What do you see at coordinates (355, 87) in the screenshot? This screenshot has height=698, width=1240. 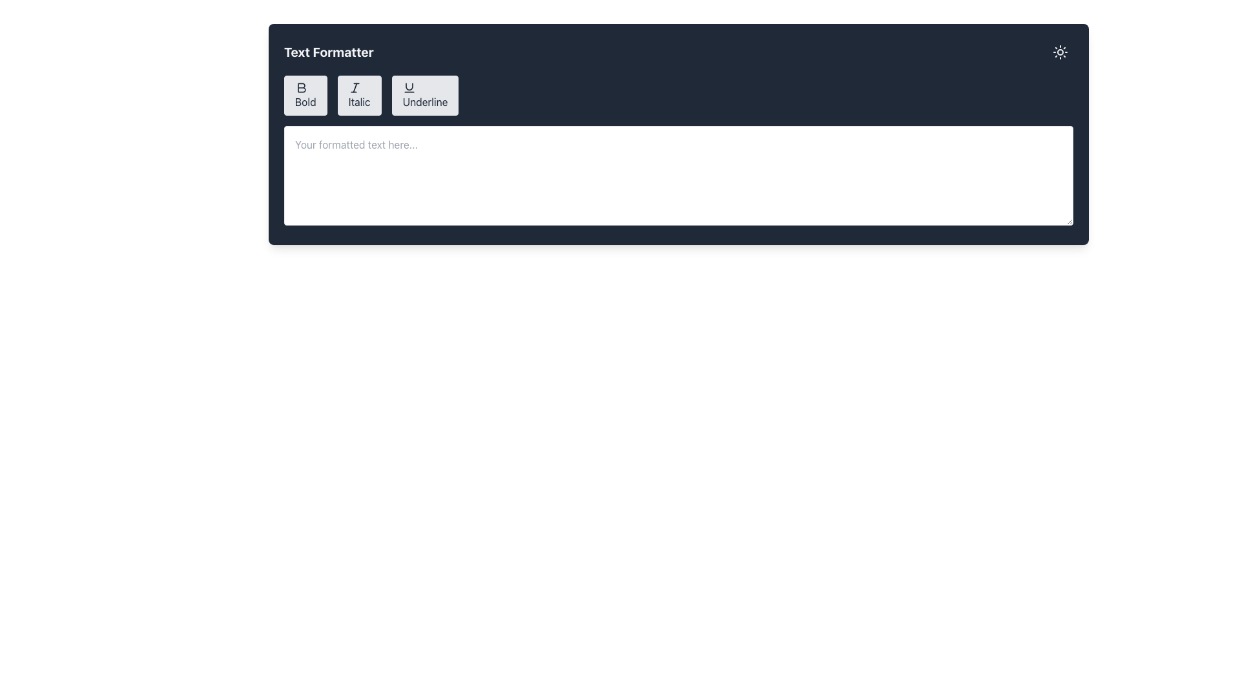 I see `the italic formatting icon located in the second button of the text formatter toolbar` at bounding box center [355, 87].